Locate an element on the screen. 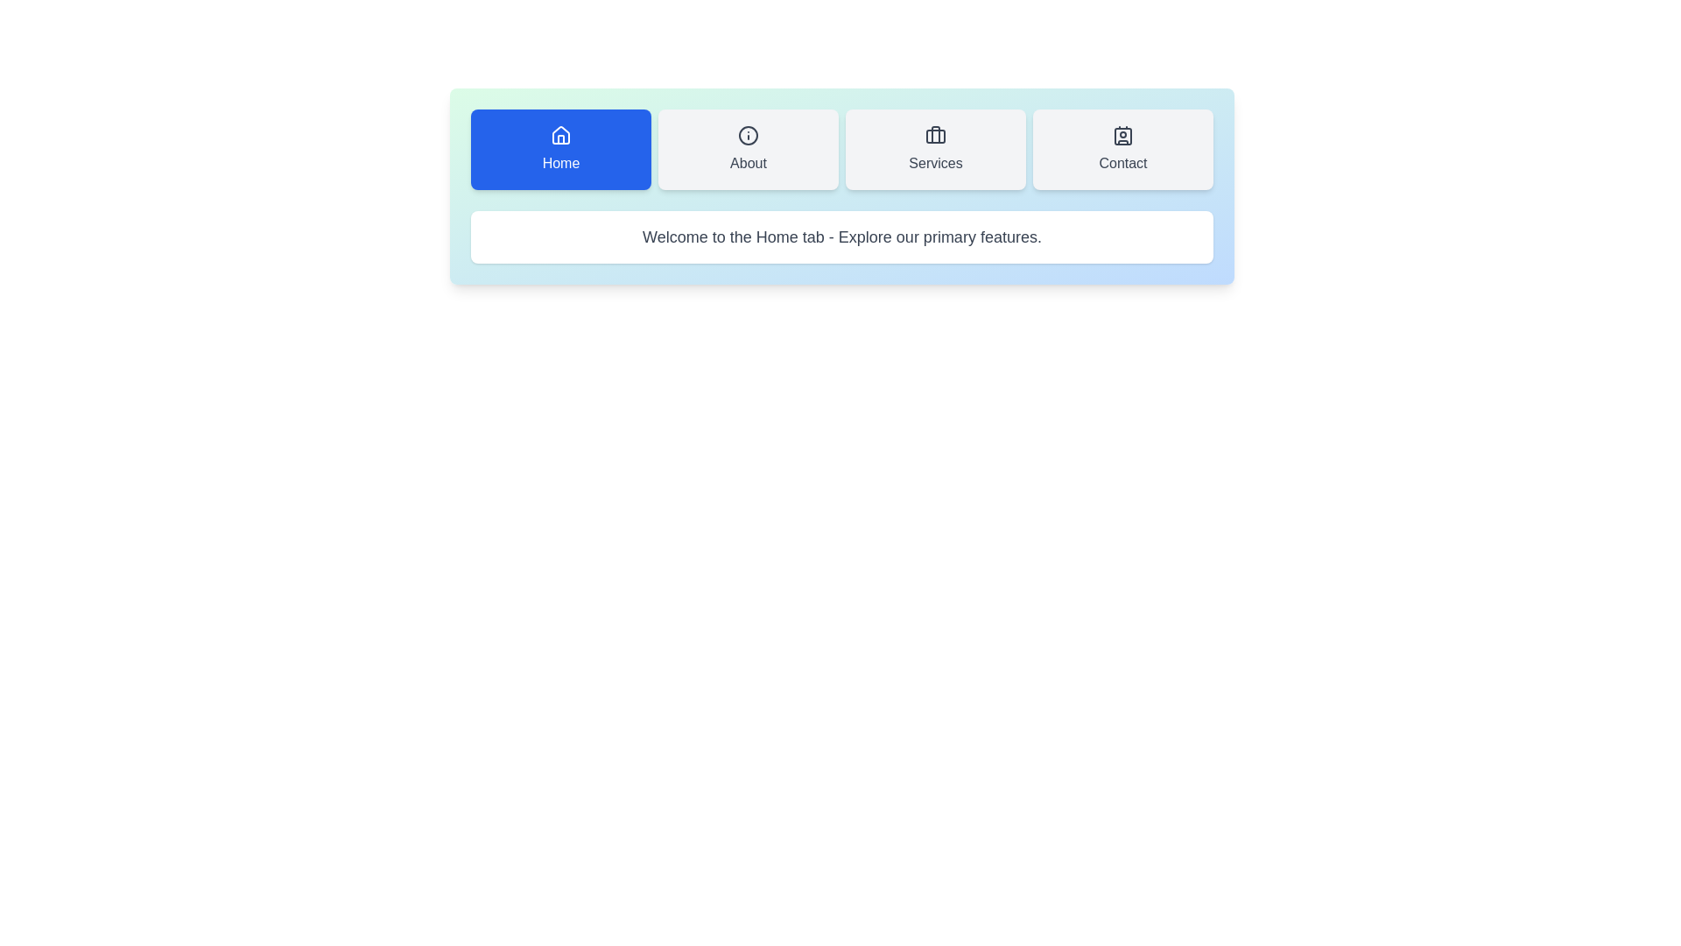  the blue and white house icon located above the 'Home' text in the top-left corner of the UI, specifically inside the 'Home' button is located at coordinates (561, 134).